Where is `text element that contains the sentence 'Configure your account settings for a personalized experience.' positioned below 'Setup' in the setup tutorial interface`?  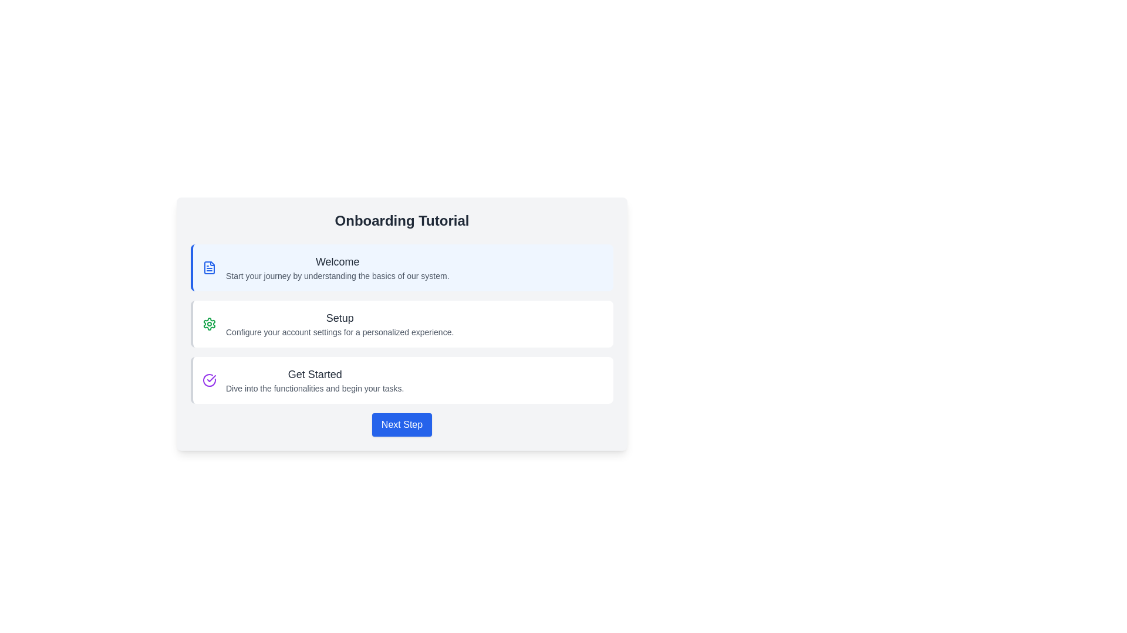
text element that contains the sentence 'Configure your account settings for a personalized experience.' positioned below 'Setup' in the setup tutorial interface is located at coordinates (339, 332).